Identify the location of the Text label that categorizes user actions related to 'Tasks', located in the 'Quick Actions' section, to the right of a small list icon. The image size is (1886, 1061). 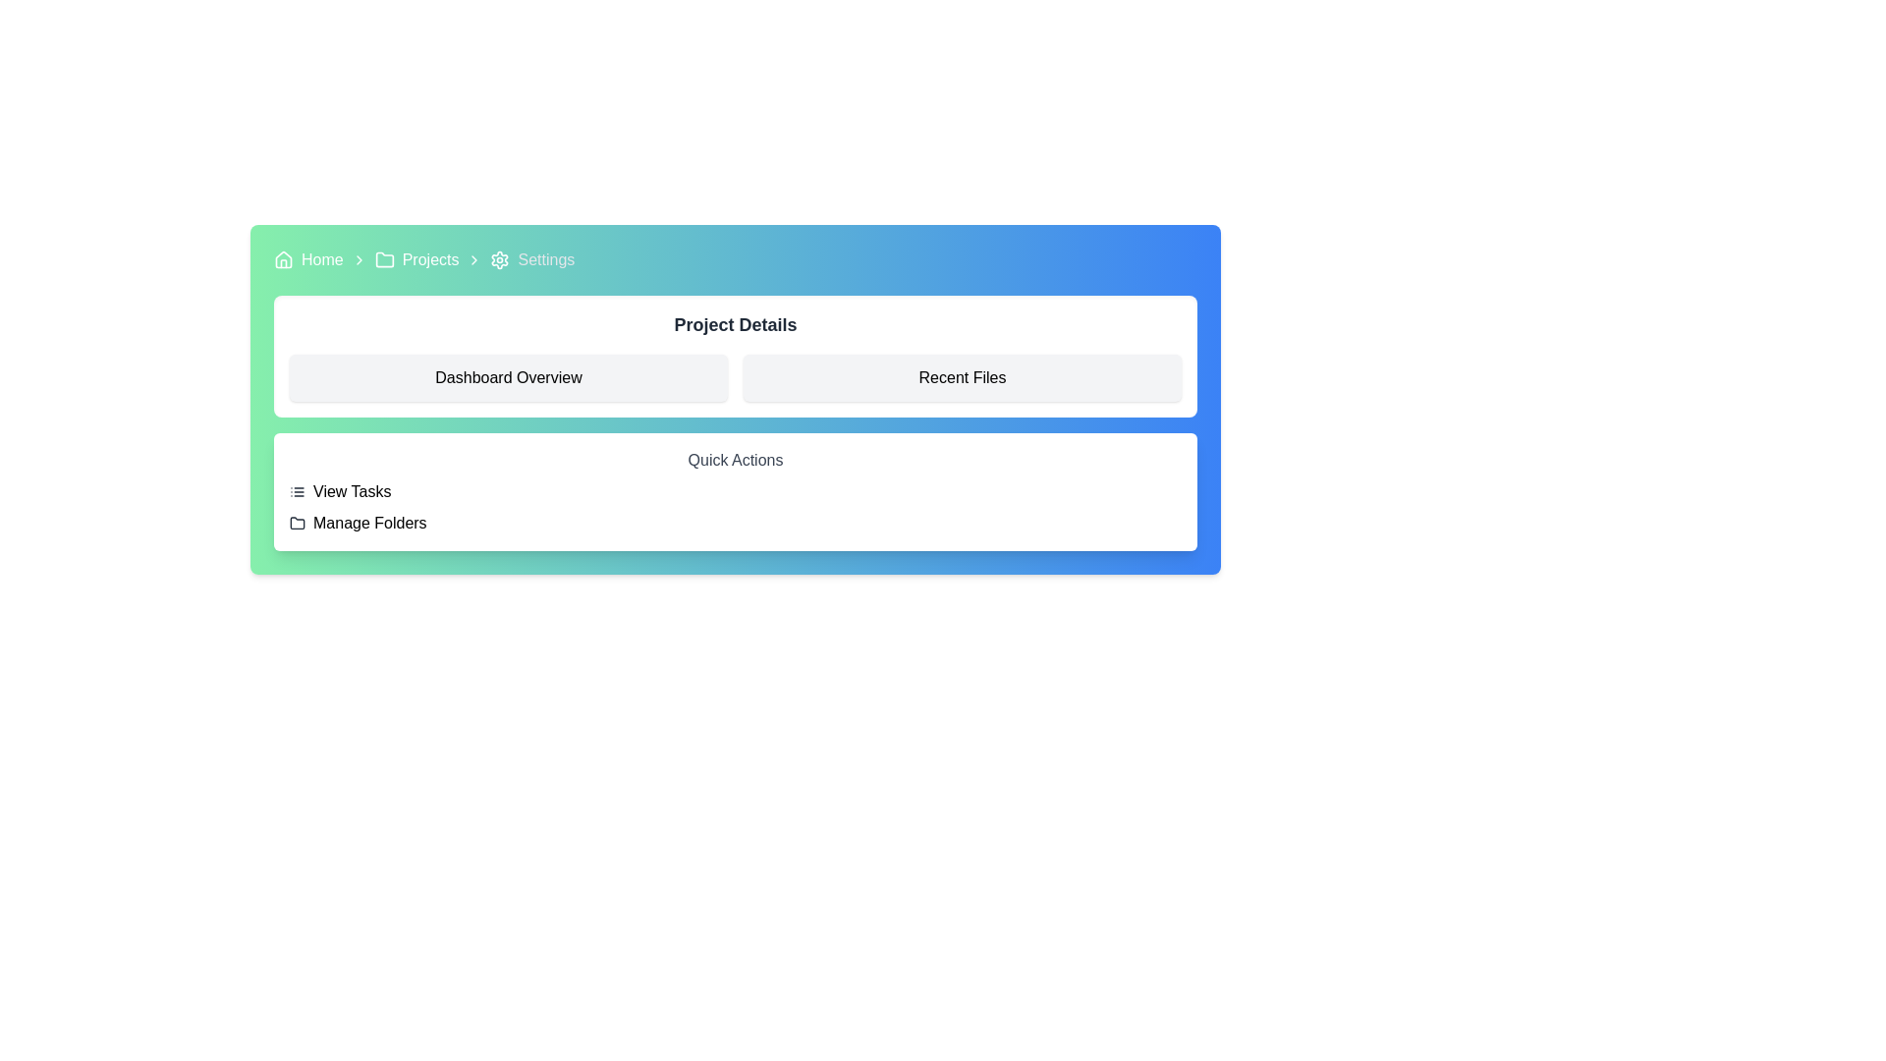
(352, 491).